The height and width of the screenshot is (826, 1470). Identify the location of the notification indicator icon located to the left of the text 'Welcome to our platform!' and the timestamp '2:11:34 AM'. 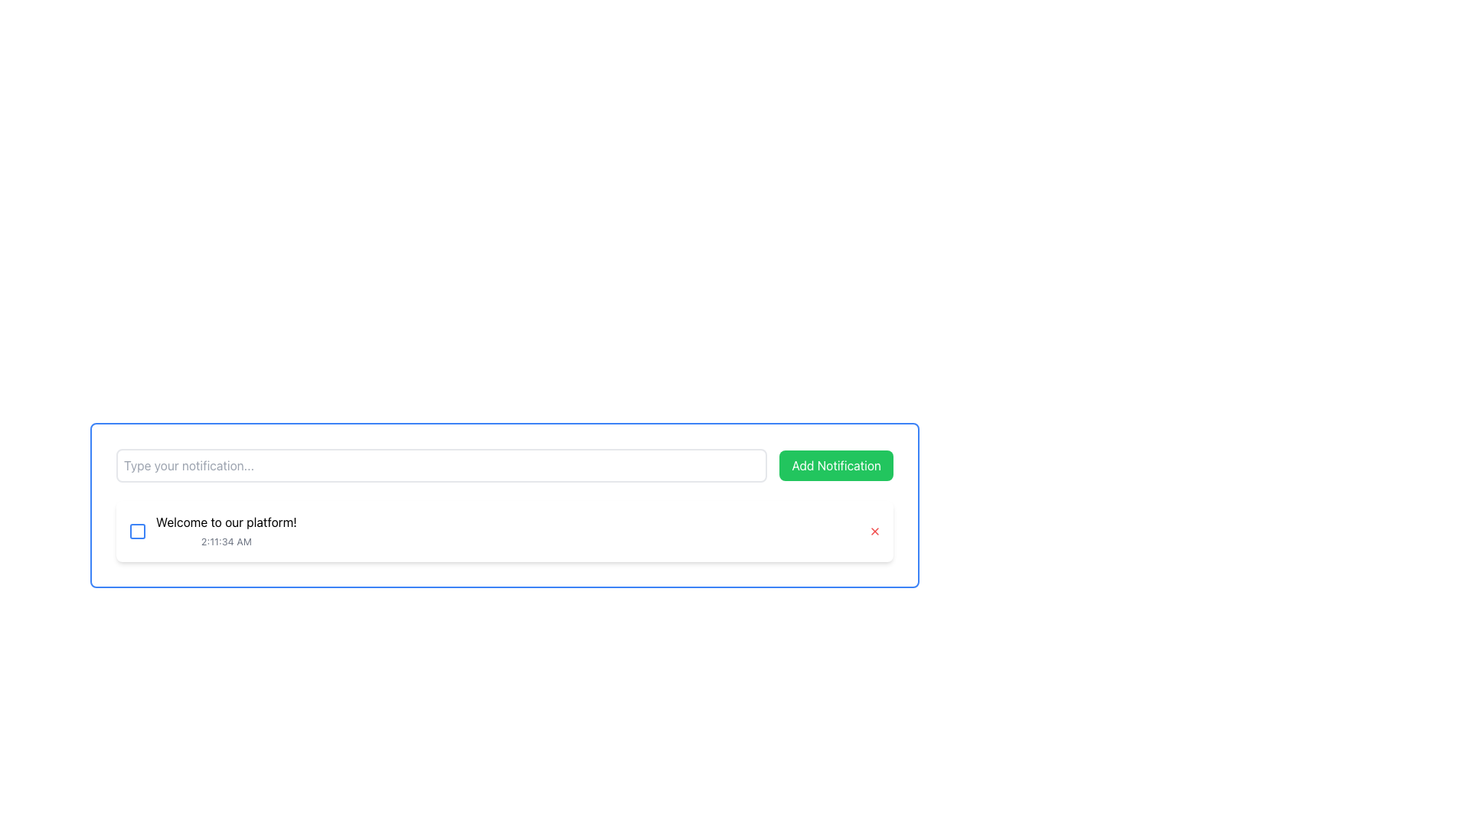
(138, 530).